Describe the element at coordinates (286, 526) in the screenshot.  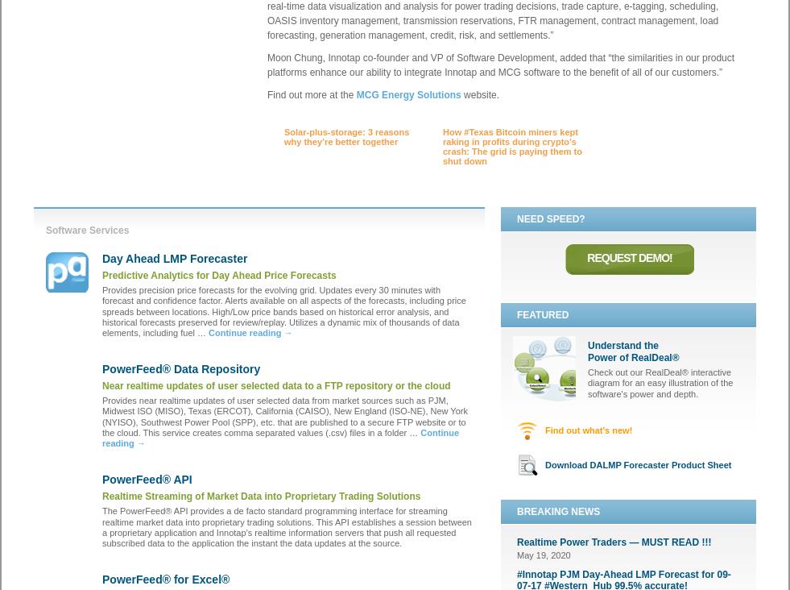
I see `'The PowerFeed® API provides a de facto standard programming interface for streaming realtime market data into proprietary trading solutions. This API establishes a session between a proprietary application and Innotap’s realtime information servers that push all requested subscribed data to the application the instant the data updates at the source.'` at that location.